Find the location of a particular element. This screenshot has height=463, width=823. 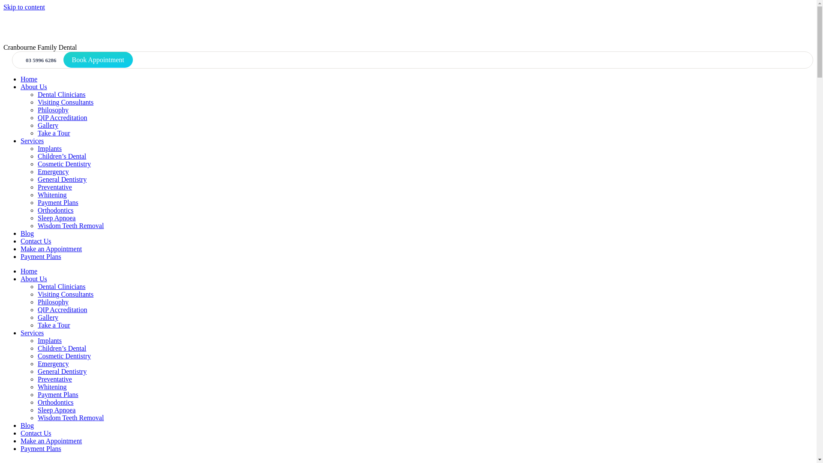

'Whitening' is located at coordinates (51, 387).